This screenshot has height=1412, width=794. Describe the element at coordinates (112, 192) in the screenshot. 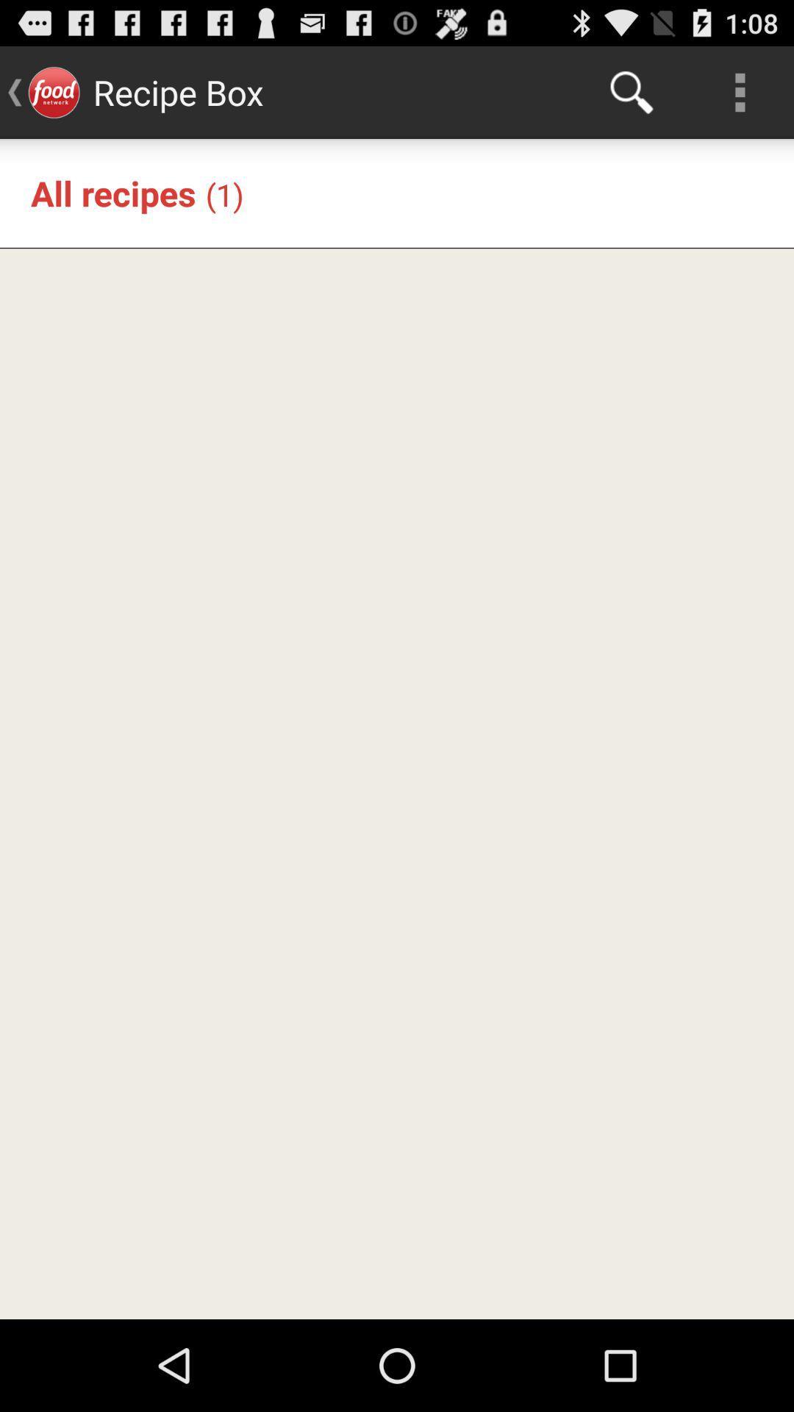

I see `all recipes app` at that location.